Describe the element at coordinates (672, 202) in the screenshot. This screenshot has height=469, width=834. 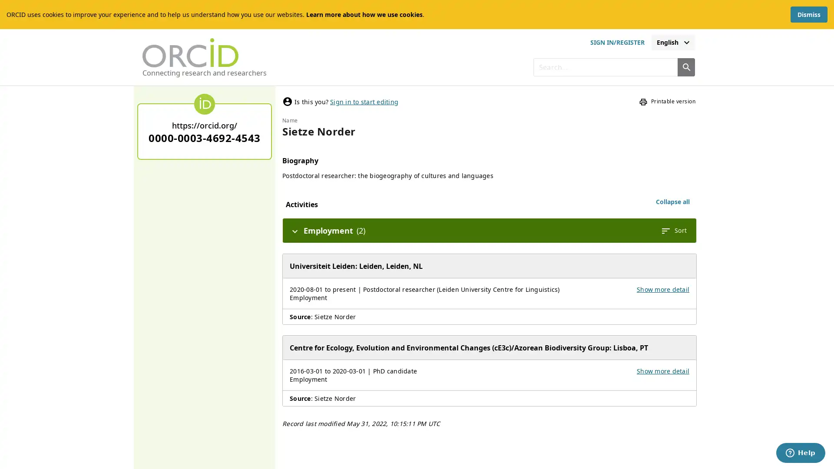
I see `Collapse all` at that location.